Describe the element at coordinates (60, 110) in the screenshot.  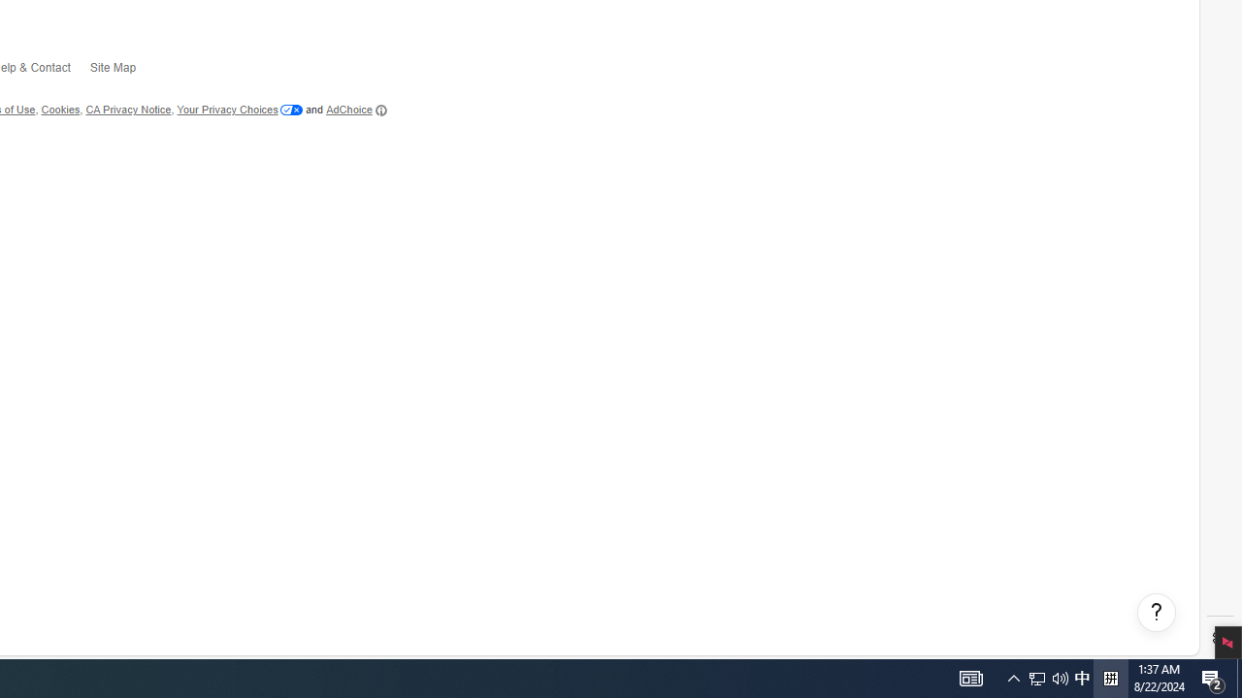
I see `'Cookies'` at that location.